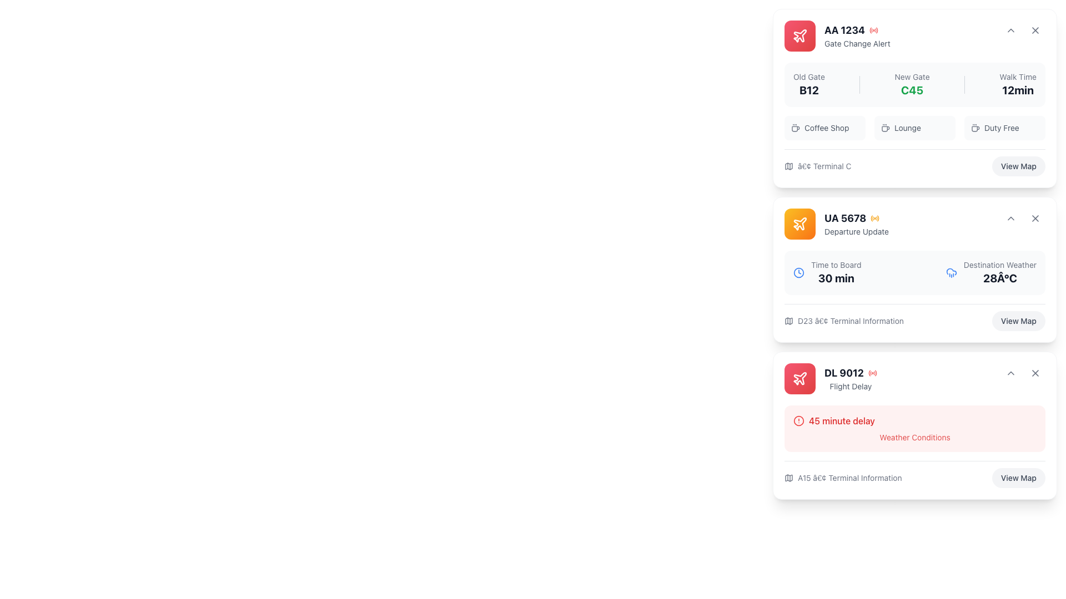  I want to click on the informational text element displaying the temperature '28°C' and the accompanying blue rain cloud icon, which is part of the 'UA 5678 Departure Update' section, so click(991, 273).